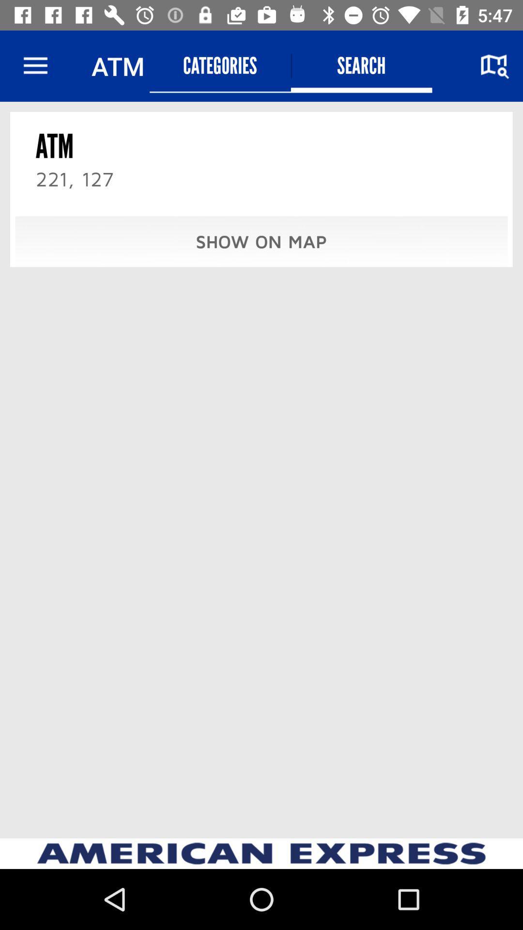 The width and height of the screenshot is (523, 930). What do you see at coordinates (35, 65) in the screenshot?
I see `item above the atm item` at bounding box center [35, 65].